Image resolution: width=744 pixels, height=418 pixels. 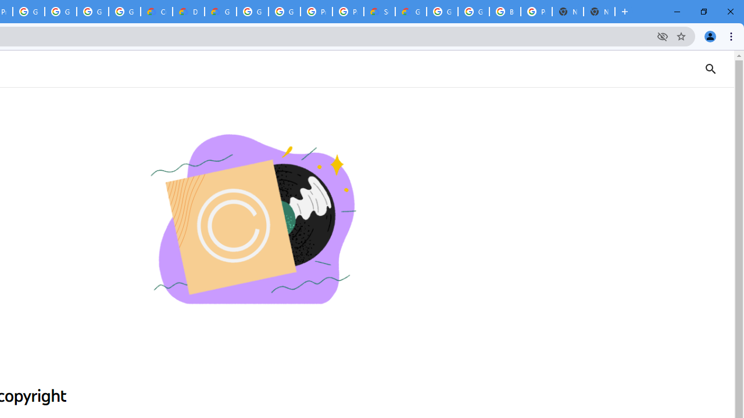 I want to click on 'Restore', so click(x=703, y=12).